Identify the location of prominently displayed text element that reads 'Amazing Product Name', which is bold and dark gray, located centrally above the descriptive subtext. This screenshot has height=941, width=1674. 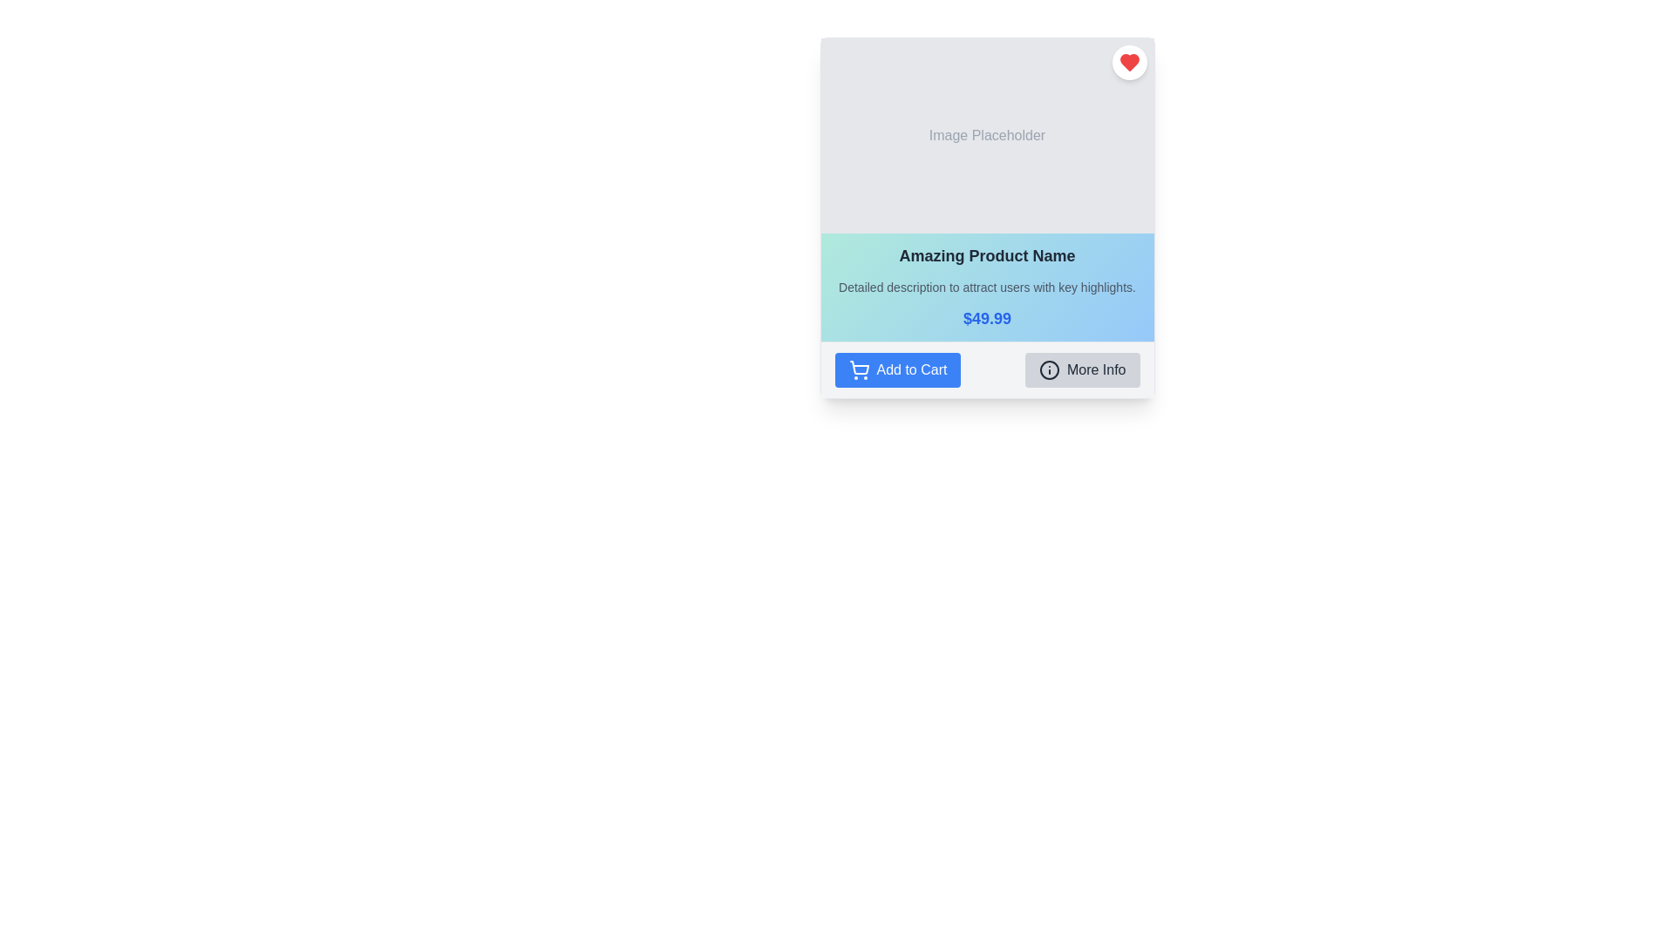
(987, 255).